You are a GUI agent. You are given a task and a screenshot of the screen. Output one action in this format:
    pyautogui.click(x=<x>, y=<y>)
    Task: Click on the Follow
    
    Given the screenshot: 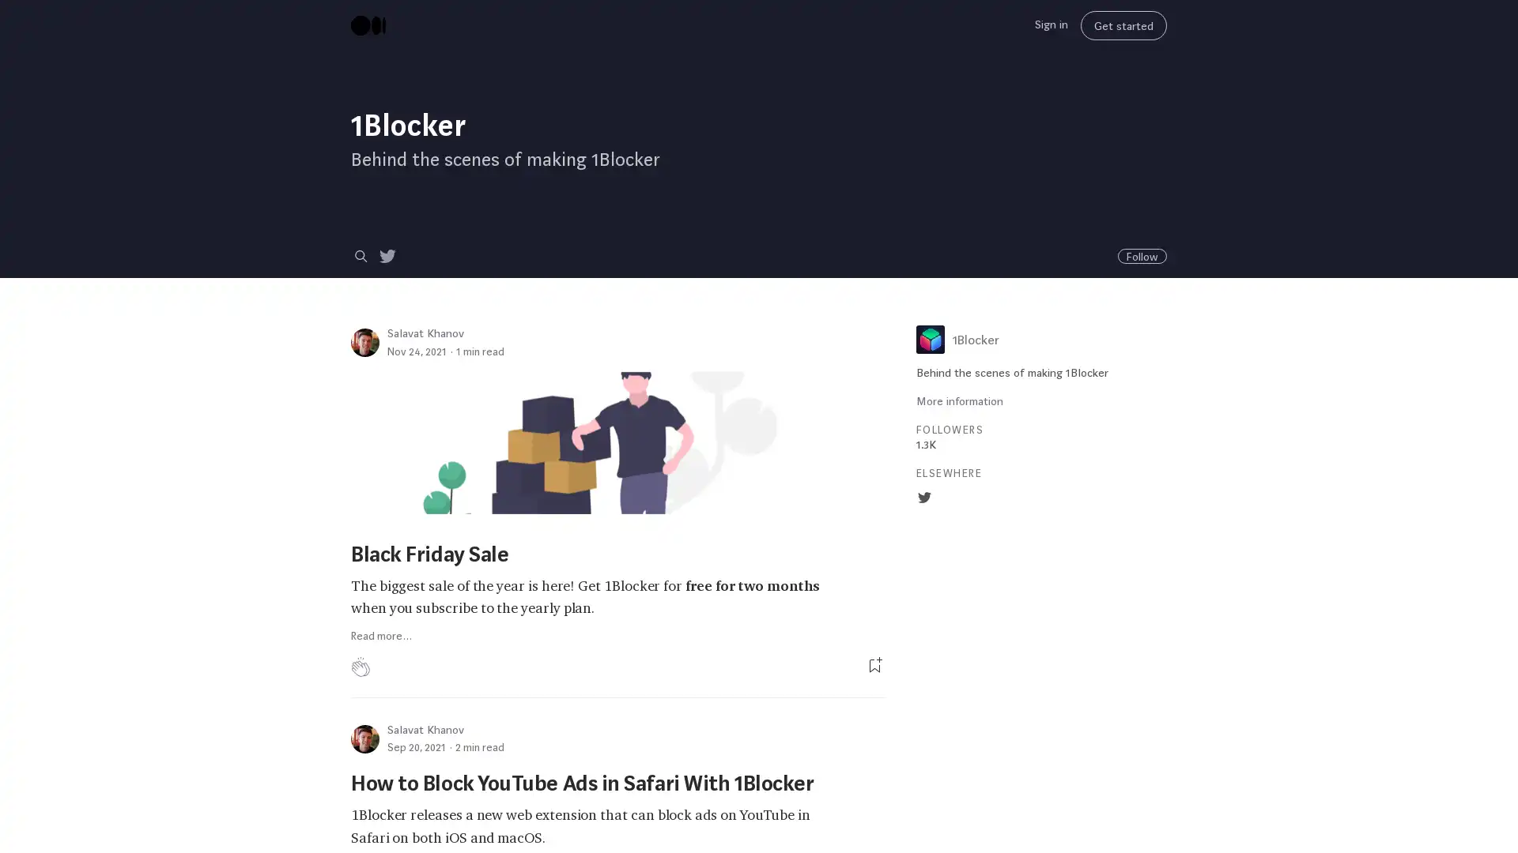 What is the action you would take?
    pyautogui.click(x=1142, y=255)
    